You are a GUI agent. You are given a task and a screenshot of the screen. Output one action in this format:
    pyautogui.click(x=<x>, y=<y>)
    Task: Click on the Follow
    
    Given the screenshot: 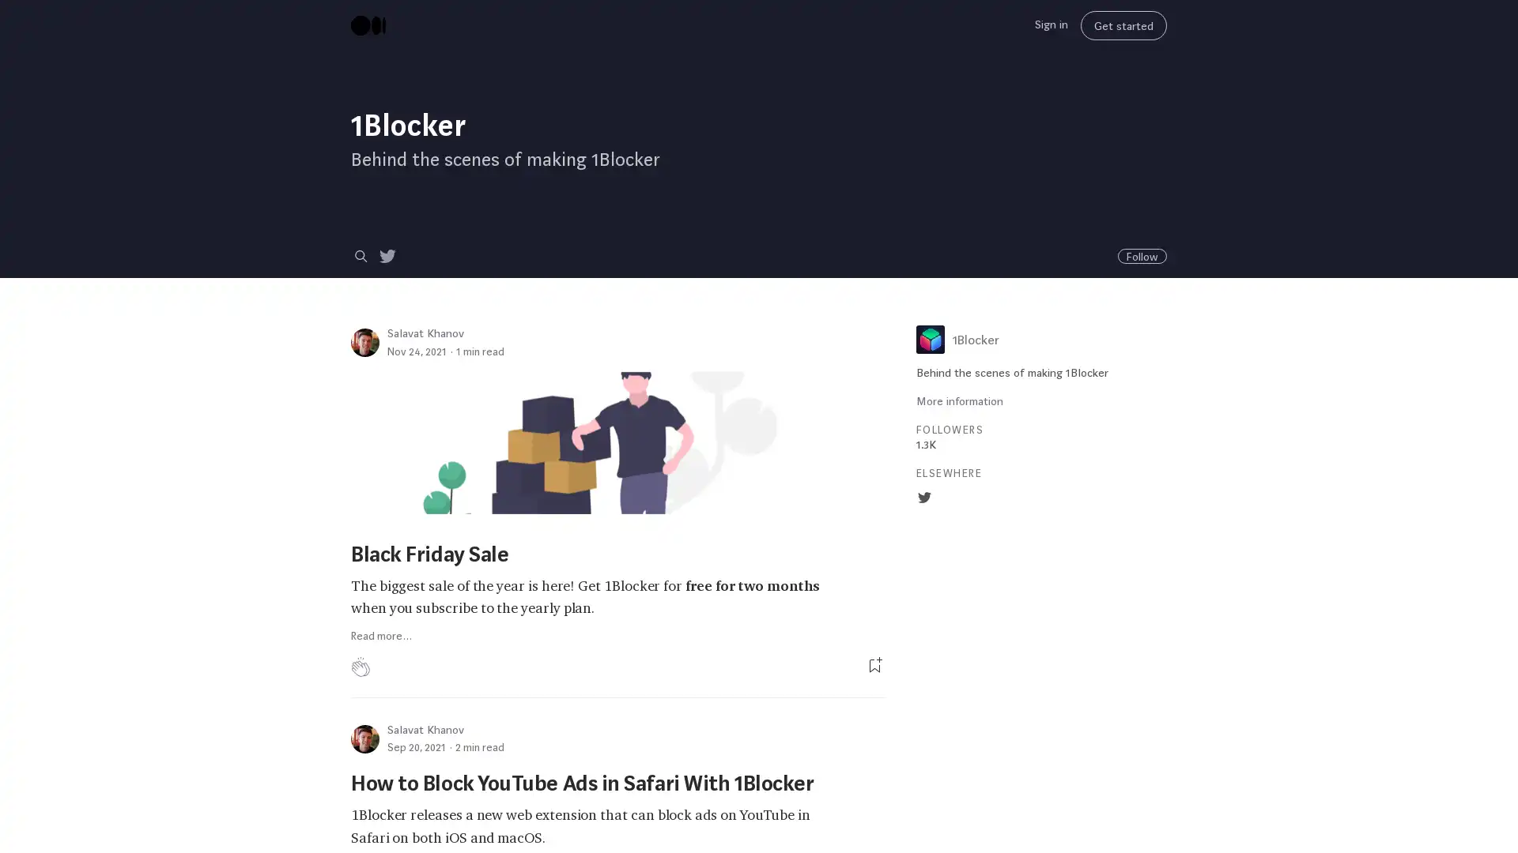 What is the action you would take?
    pyautogui.click(x=1142, y=255)
    